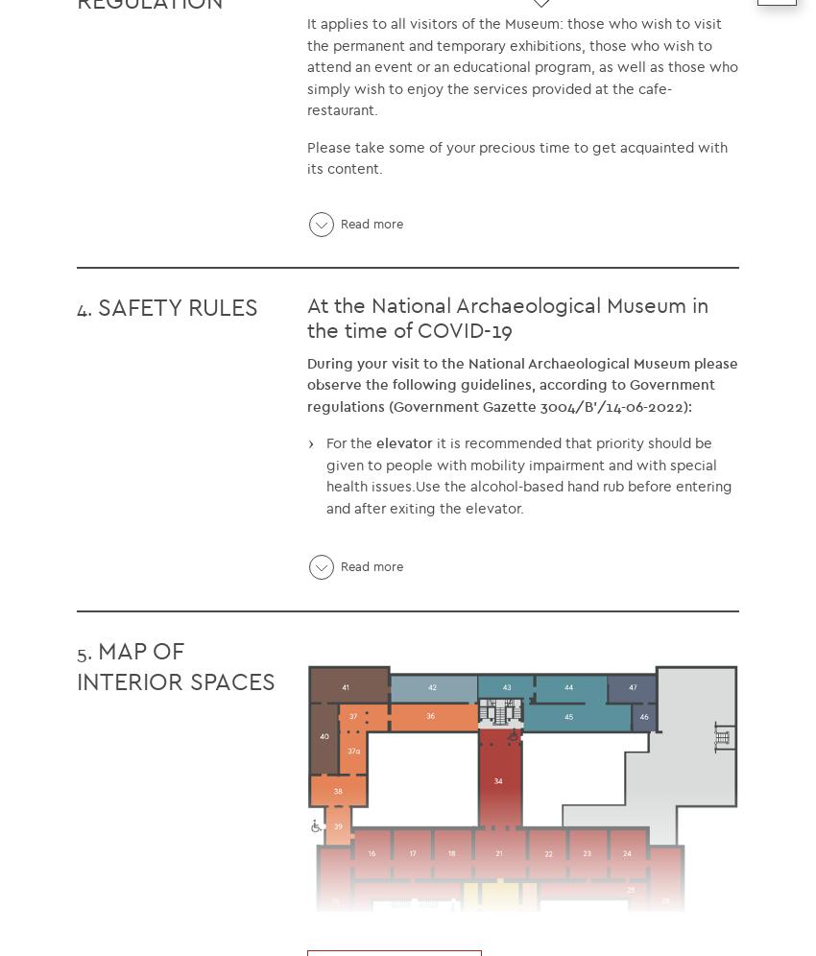 The height and width of the screenshot is (956, 816). What do you see at coordinates (177, 306) in the screenshot?
I see `'SAFETY RULES'` at bounding box center [177, 306].